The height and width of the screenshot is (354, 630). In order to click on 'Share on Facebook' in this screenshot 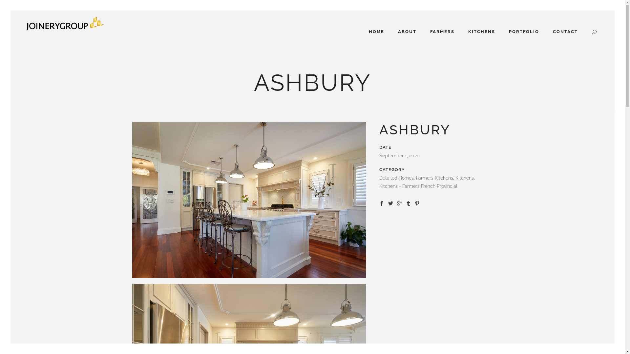, I will do `click(382, 202)`.